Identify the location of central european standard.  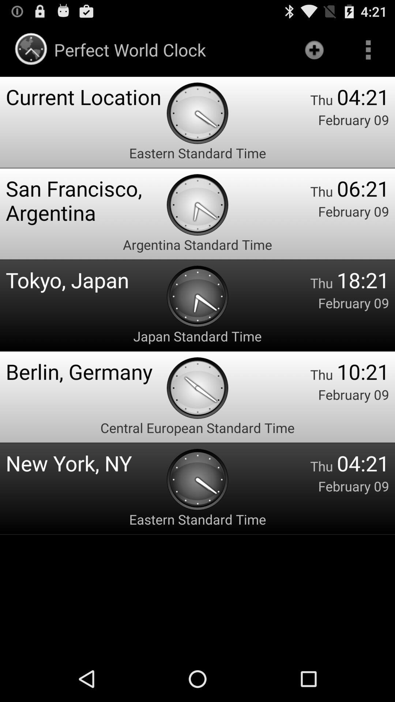
(197, 428).